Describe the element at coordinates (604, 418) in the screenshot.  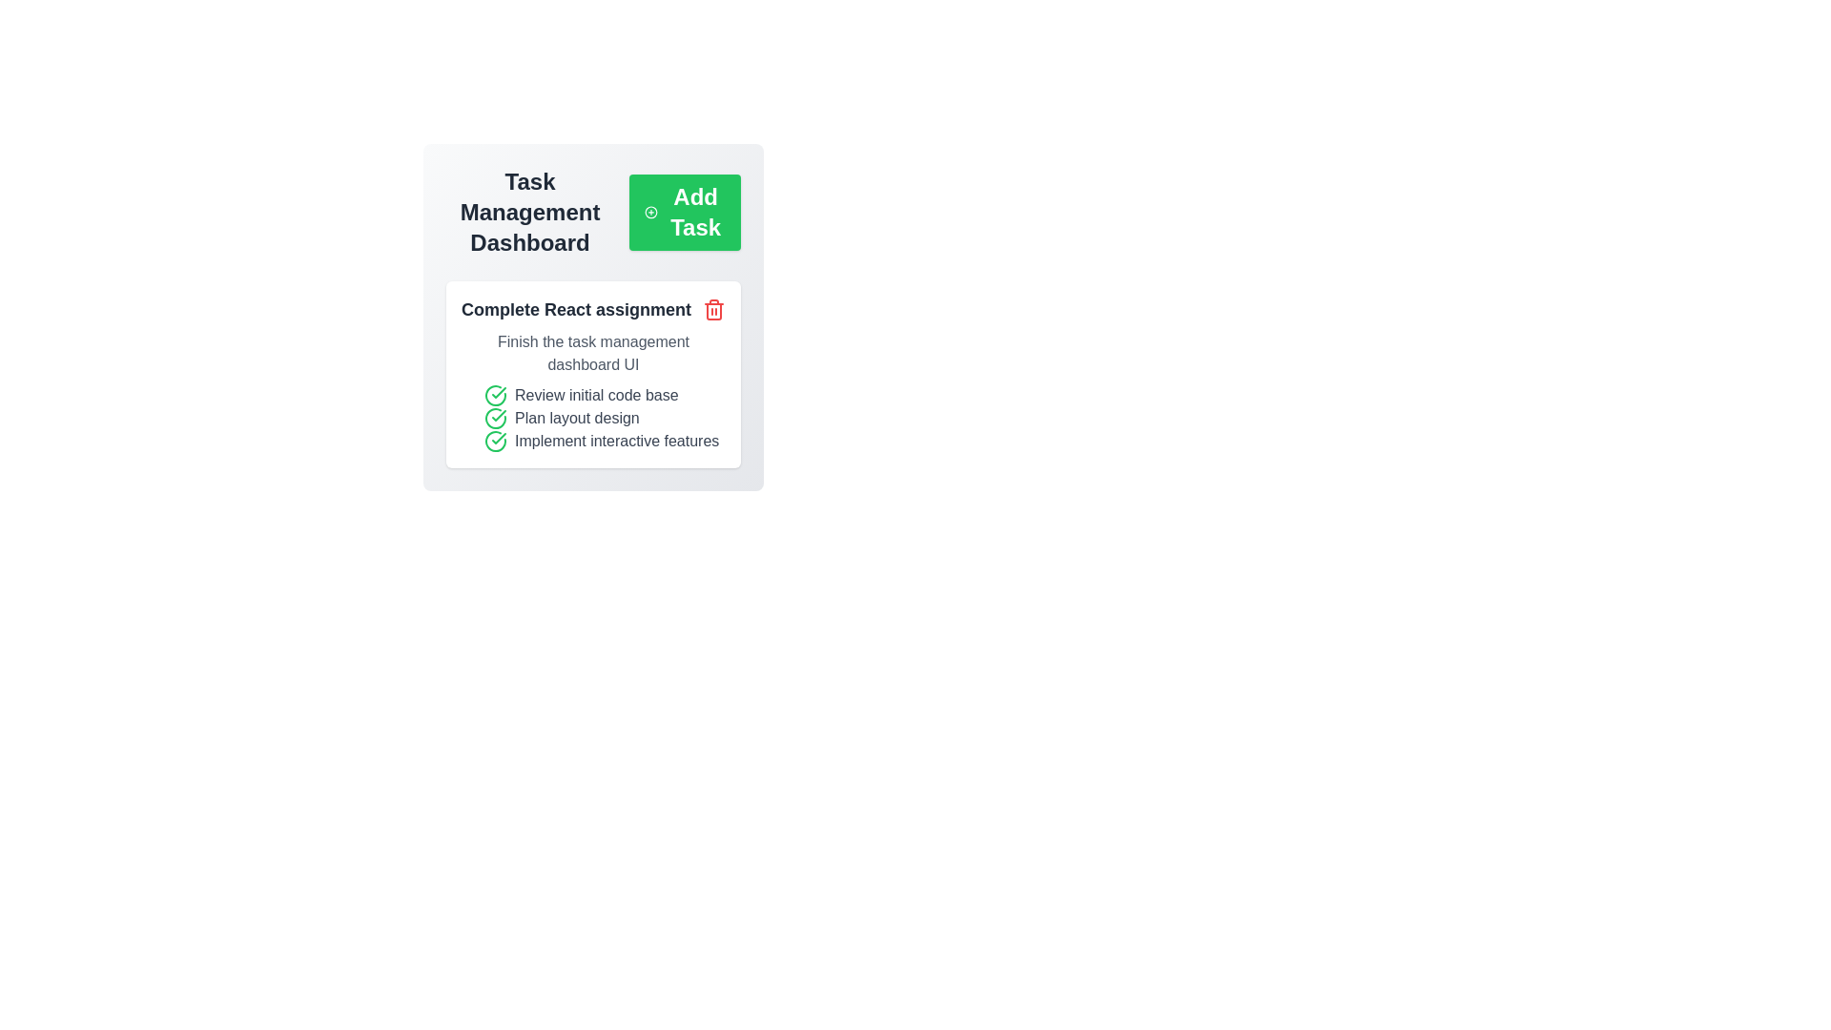
I see `the task list item labeled 'Plan layout design' with a green checkmark icon, located as the second item in the task management card` at that location.